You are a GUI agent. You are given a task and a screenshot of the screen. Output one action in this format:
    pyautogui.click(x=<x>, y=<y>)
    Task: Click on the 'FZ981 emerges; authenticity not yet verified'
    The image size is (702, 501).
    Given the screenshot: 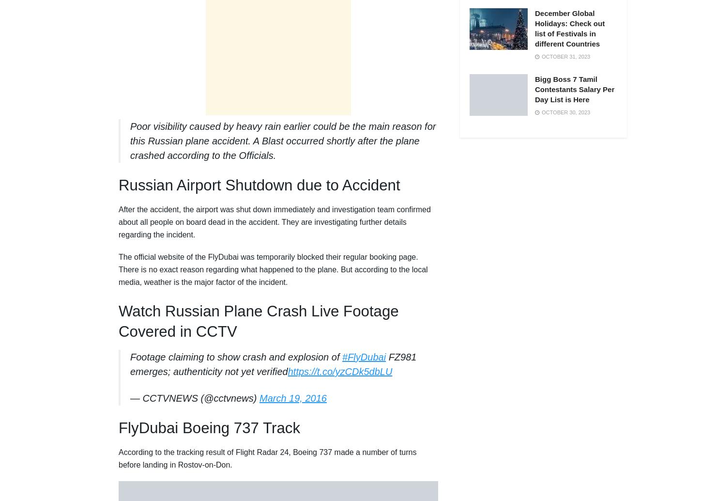 What is the action you would take?
    pyautogui.click(x=273, y=364)
    